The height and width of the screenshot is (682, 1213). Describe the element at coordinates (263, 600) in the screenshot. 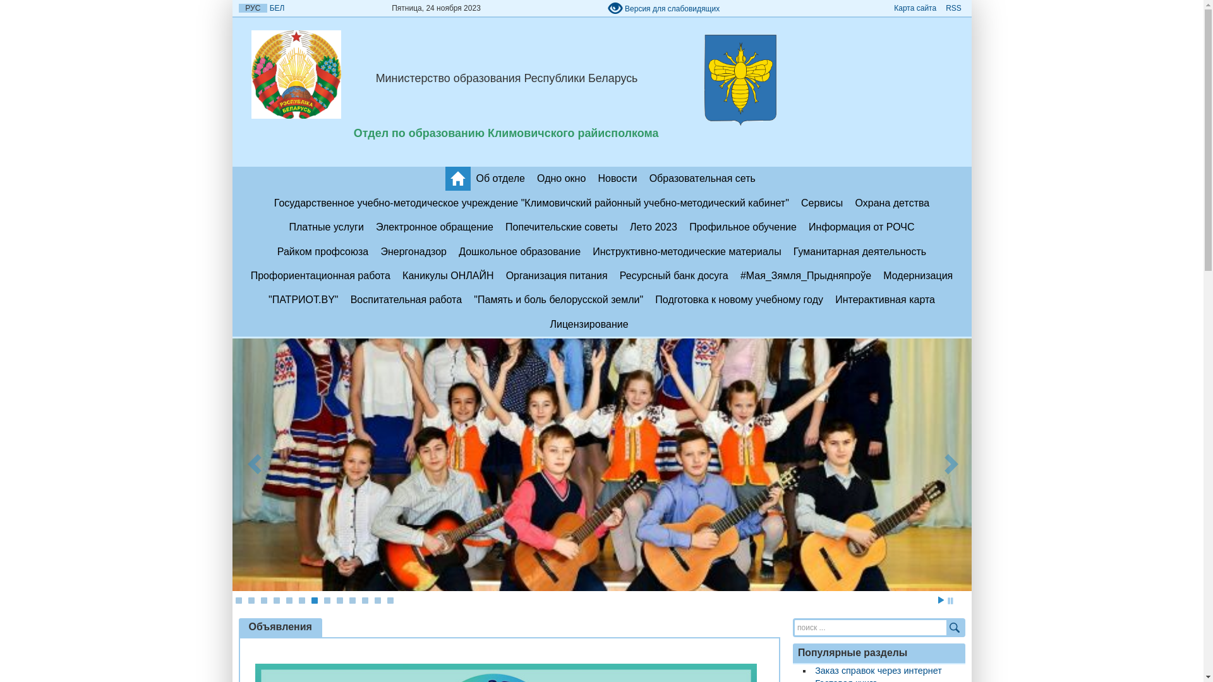

I see `'3'` at that location.